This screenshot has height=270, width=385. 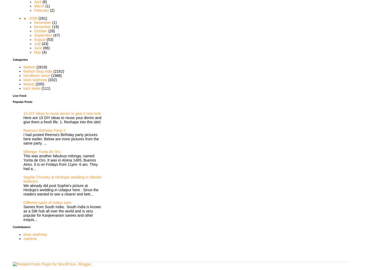 I want to click on '(2162)', so click(x=58, y=71).